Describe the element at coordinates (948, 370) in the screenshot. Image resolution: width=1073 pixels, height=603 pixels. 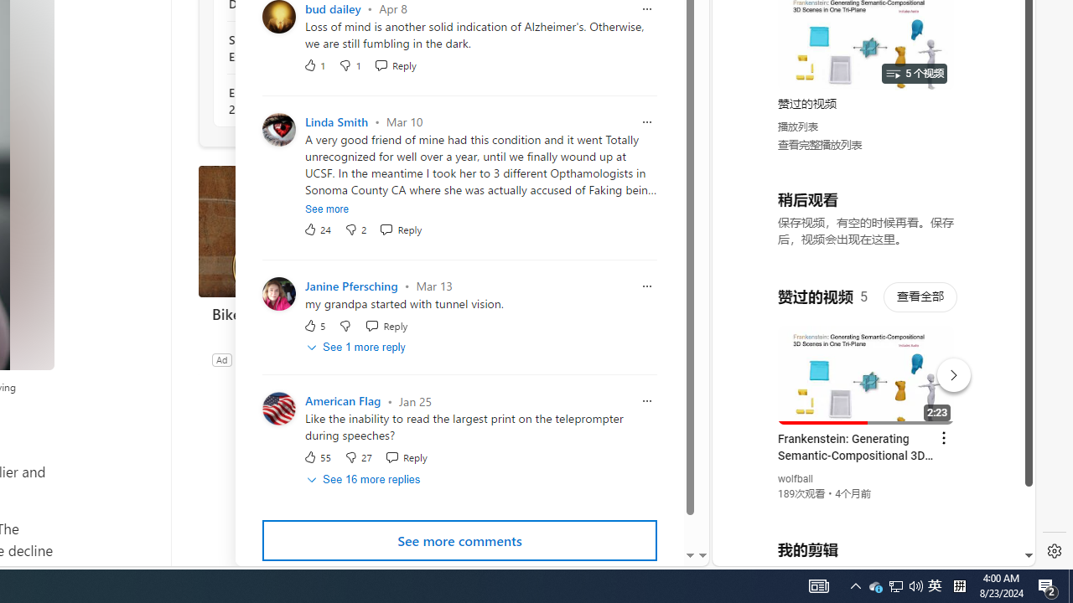
I see `'Actions for this site'` at that location.